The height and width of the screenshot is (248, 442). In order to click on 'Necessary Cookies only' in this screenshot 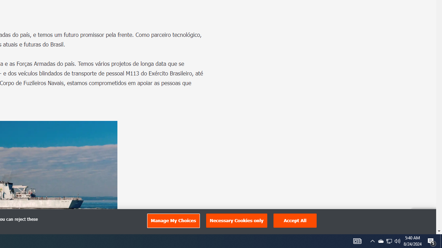, I will do `click(237, 220)`.